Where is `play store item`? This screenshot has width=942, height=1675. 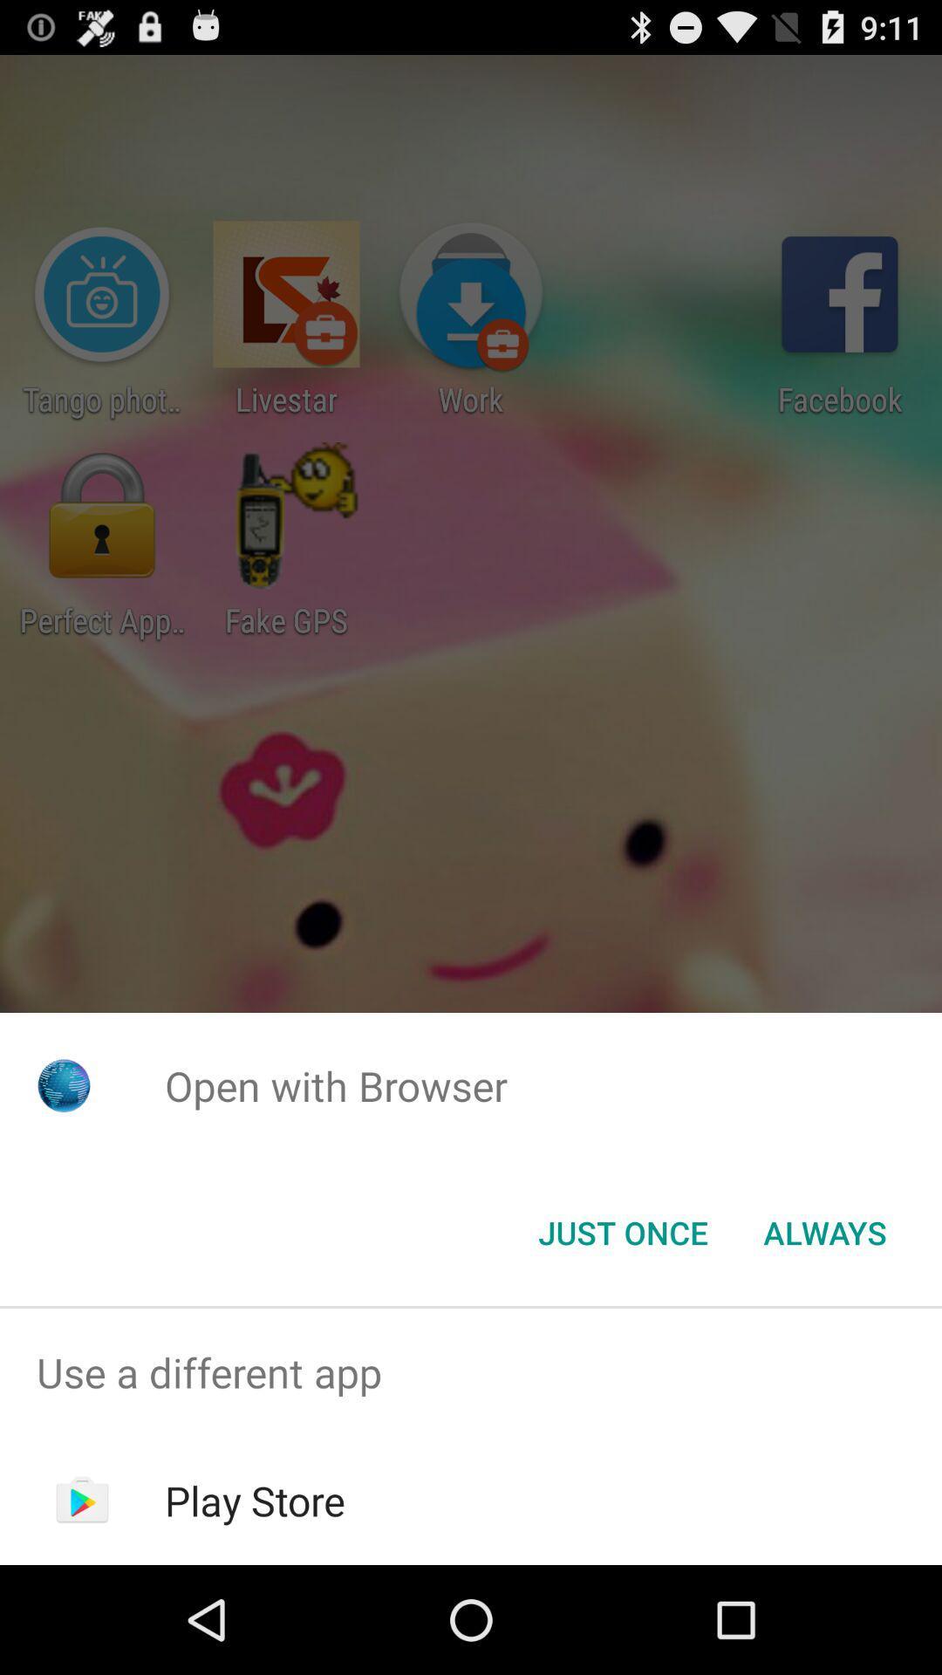 play store item is located at coordinates (255, 1500).